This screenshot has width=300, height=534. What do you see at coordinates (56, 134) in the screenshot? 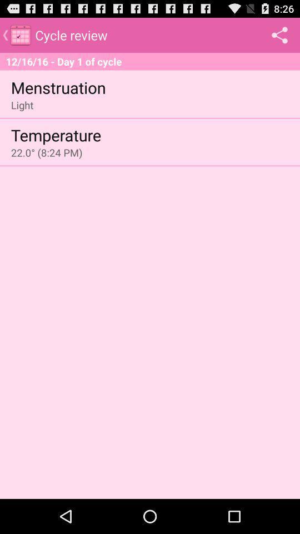
I see `item above 22 0 8 item` at bounding box center [56, 134].